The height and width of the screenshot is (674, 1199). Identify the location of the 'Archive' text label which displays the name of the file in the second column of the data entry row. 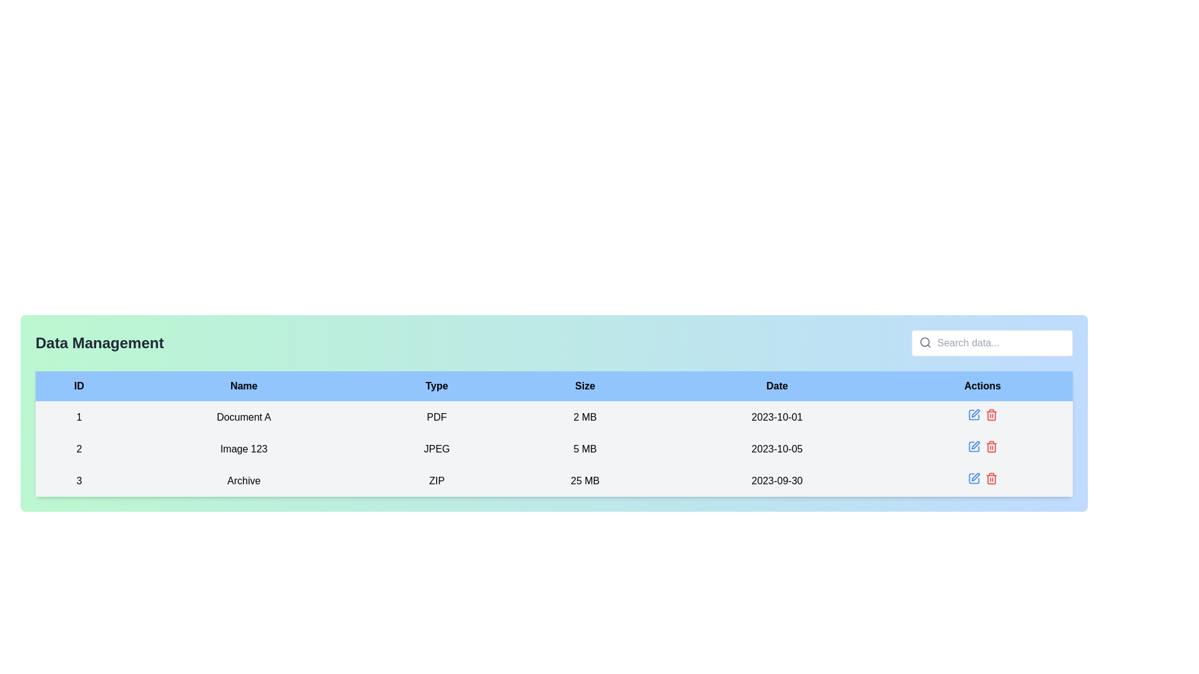
(244, 480).